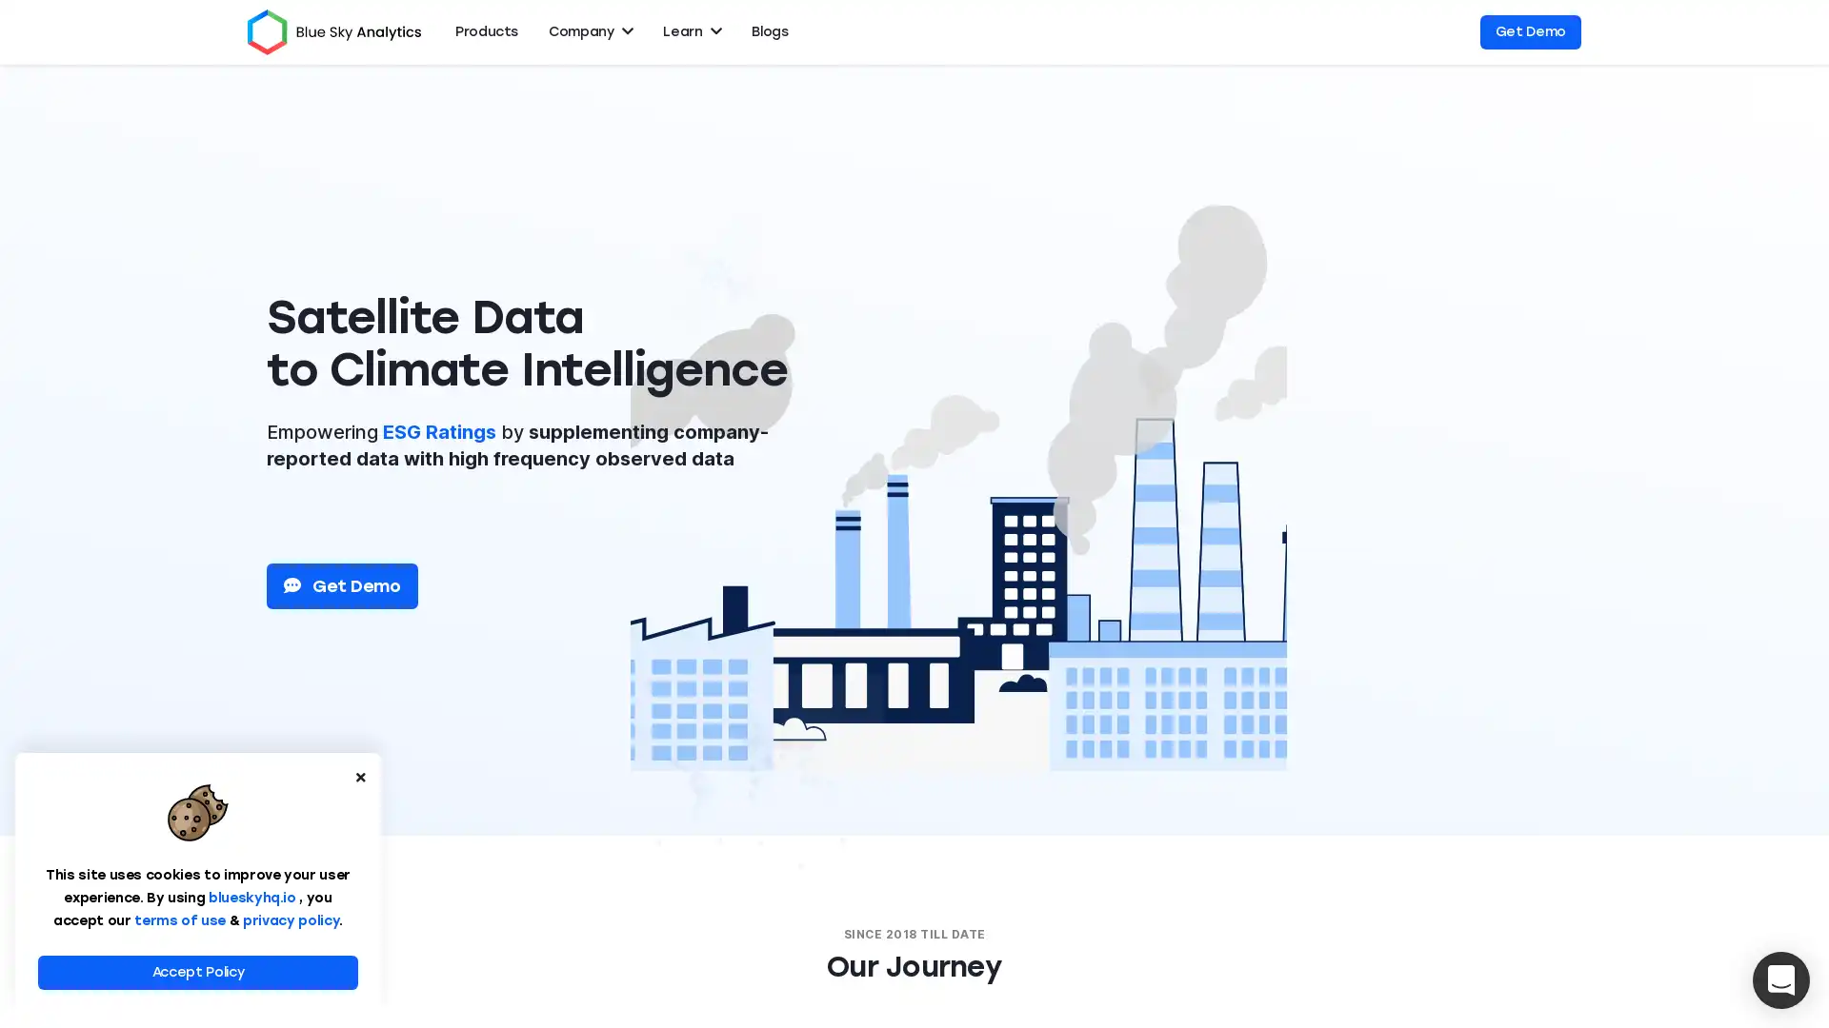  What do you see at coordinates (1780, 979) in the screenshot?
I see `Load Chat` at bounding box center [1780, 979].